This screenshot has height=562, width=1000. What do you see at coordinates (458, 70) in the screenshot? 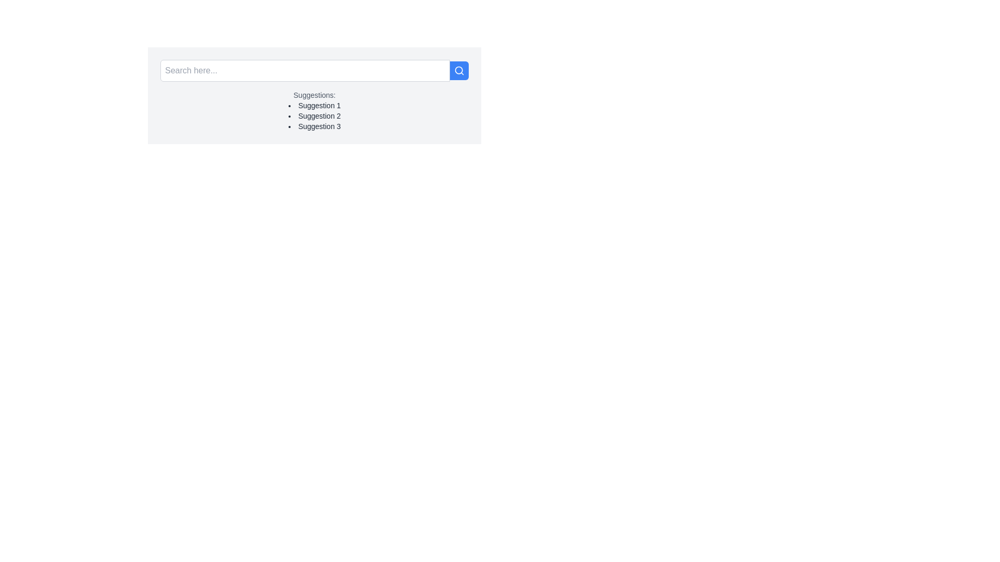
I see `the Decorative vector circle that is part of the search button icon, which visually indicates the search function` at bounding box center [458, 70].